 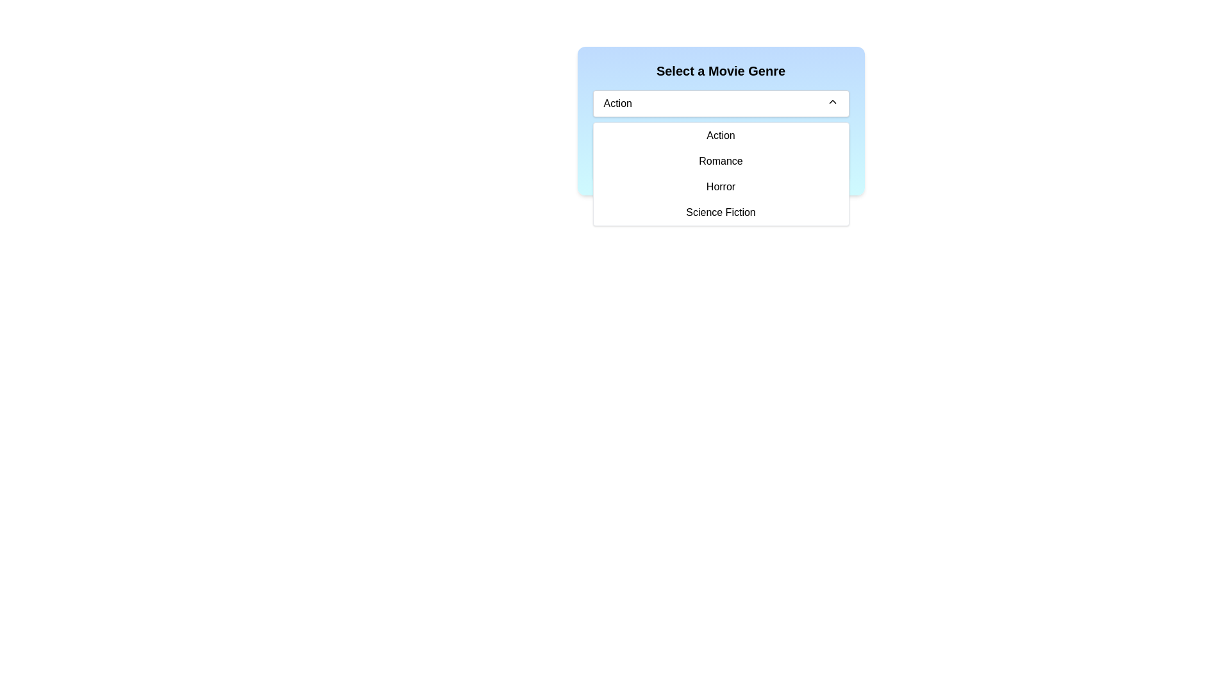 What do you see at coordinates (832, 101) in the screenshot?
I see `the Chevron-Up Arrow icon on the right side of the 'Action' dropdown menu` at bounding box center [832, 101].